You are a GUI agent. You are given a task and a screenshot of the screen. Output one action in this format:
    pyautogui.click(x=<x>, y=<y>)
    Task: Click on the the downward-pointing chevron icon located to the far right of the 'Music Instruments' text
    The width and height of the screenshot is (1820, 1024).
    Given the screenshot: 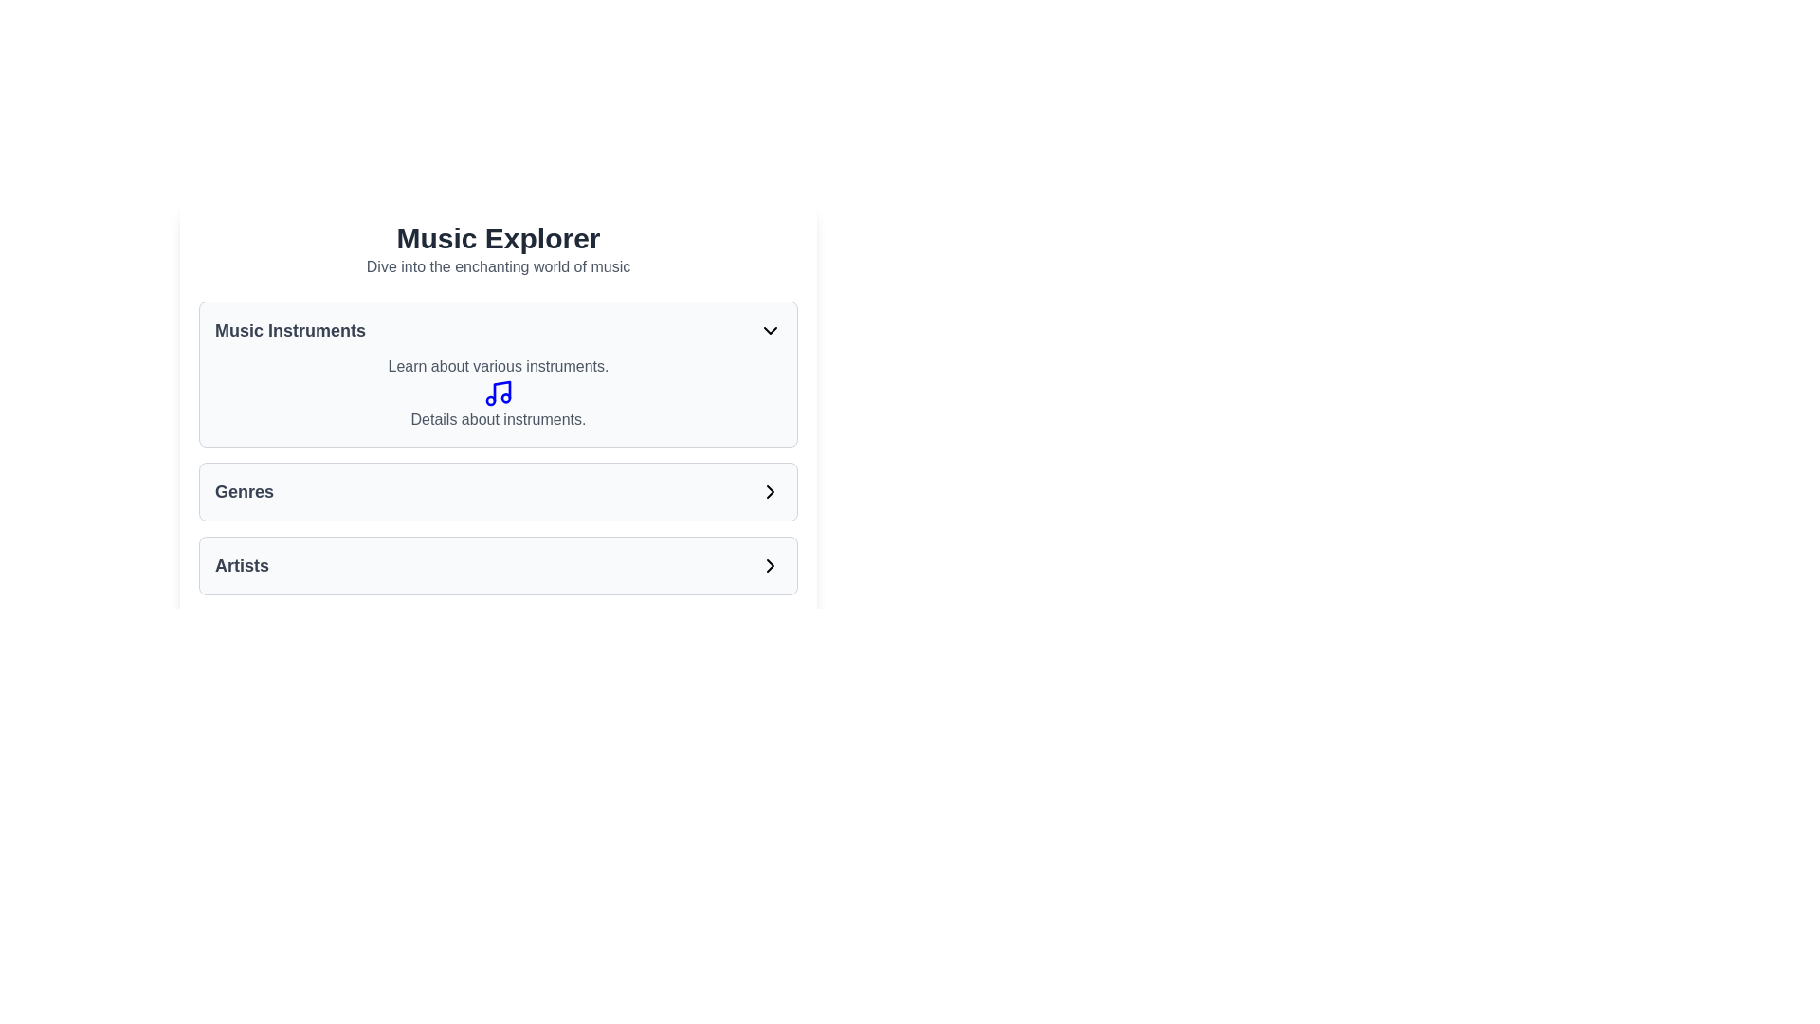 What is the action you would take?
    pyautogui.click(x=770, y=329)
    